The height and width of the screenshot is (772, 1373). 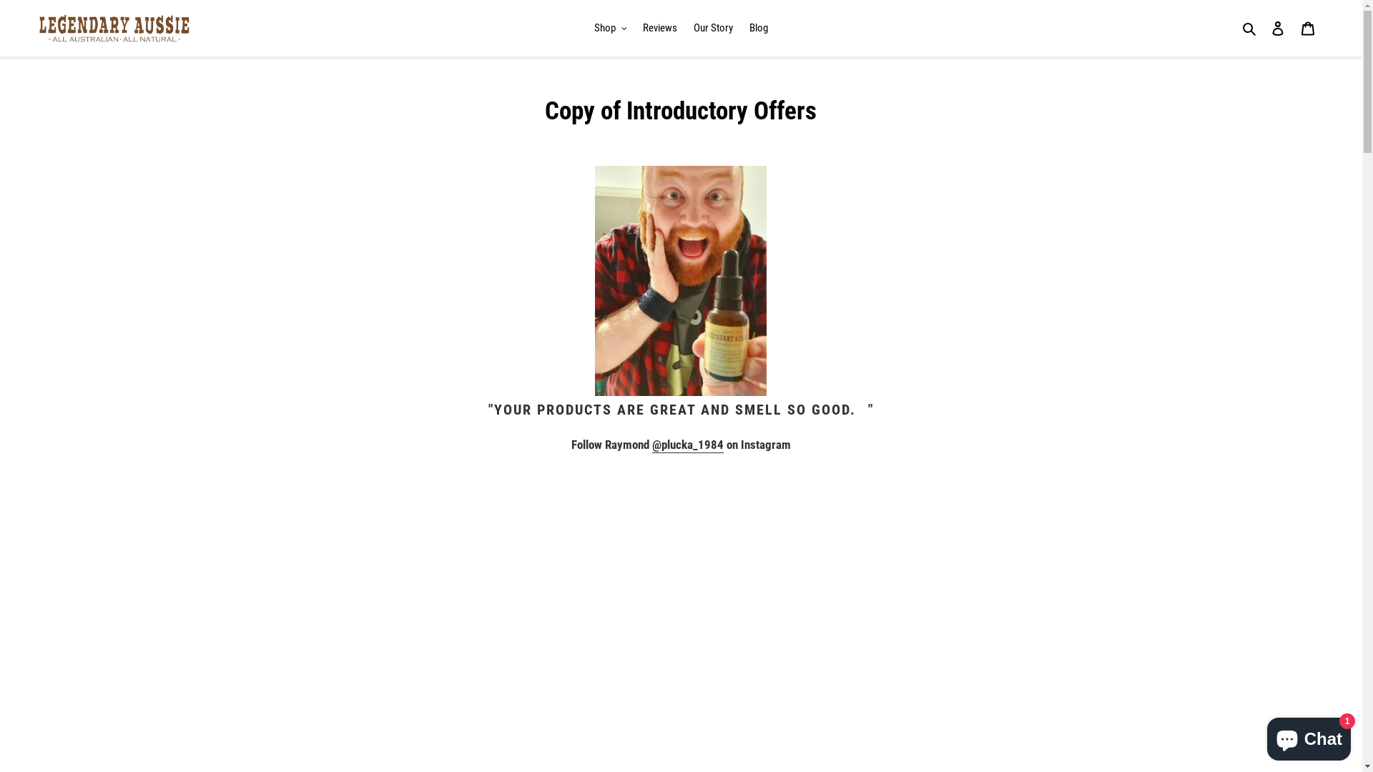 What do you see at coordinates (659, 28) in the screenshot?
I see `'Reviews'` at bounding box center [659, 28].